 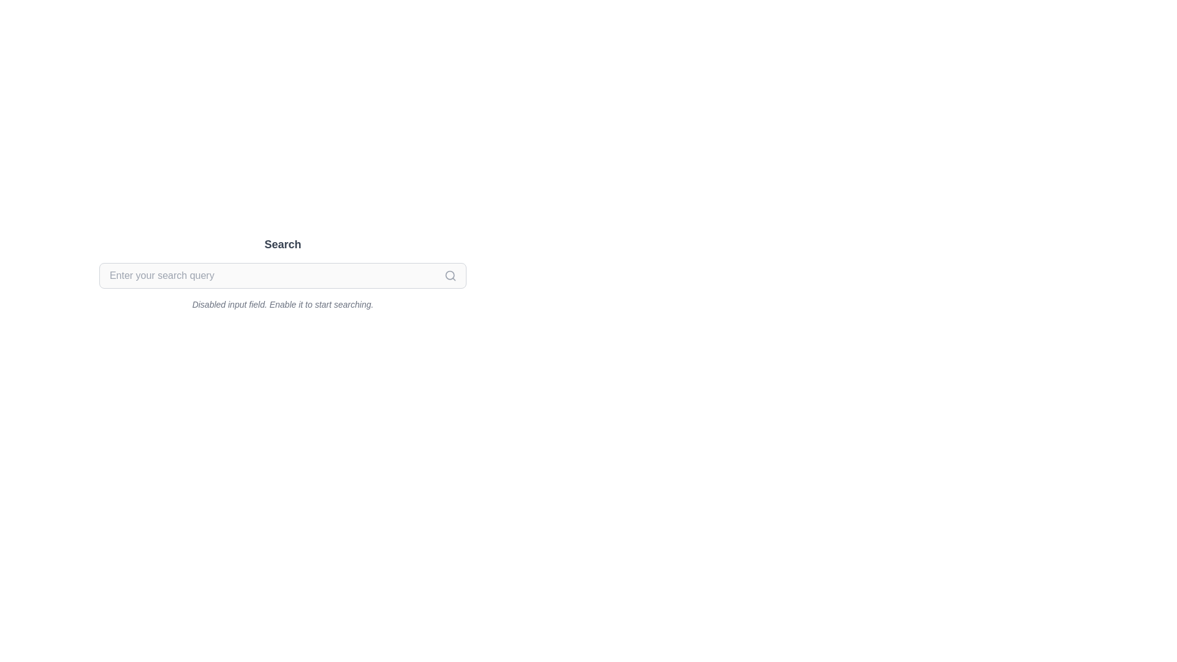 What do you see at coordinates (449, 274) in the screenshot?
I see `the circular magnifying glass icon at the right end of the search bar` at bounding box center [449, 274].